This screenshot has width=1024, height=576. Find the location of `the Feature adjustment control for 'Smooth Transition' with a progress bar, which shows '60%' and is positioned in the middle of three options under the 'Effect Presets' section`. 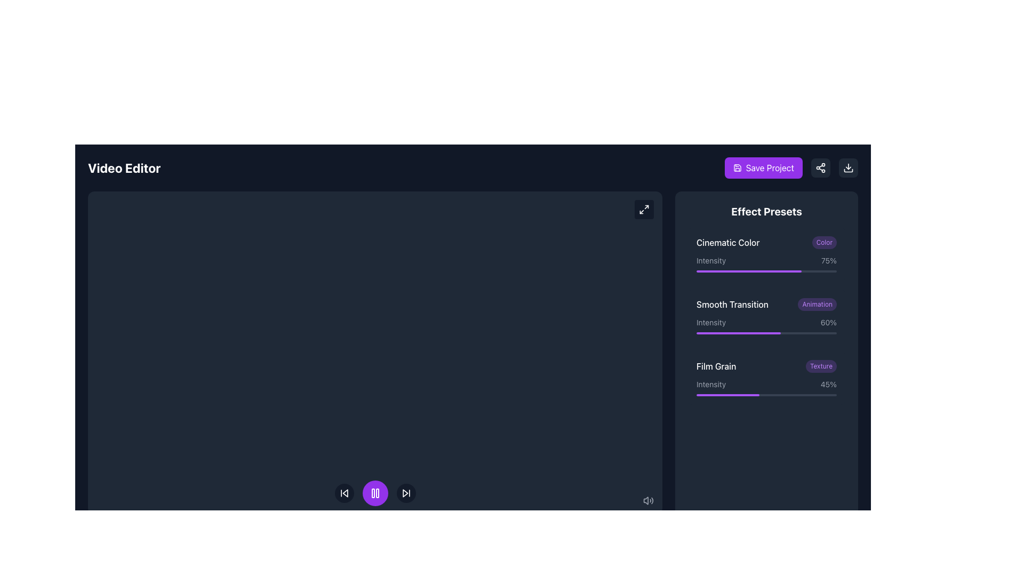

the Feature adjustment control for 'Smooth Transition' with a progress bar, which shows '60%' and is positioned in the middle of three options under the 'Effect Presets' section is located at coordinates (766, 316).